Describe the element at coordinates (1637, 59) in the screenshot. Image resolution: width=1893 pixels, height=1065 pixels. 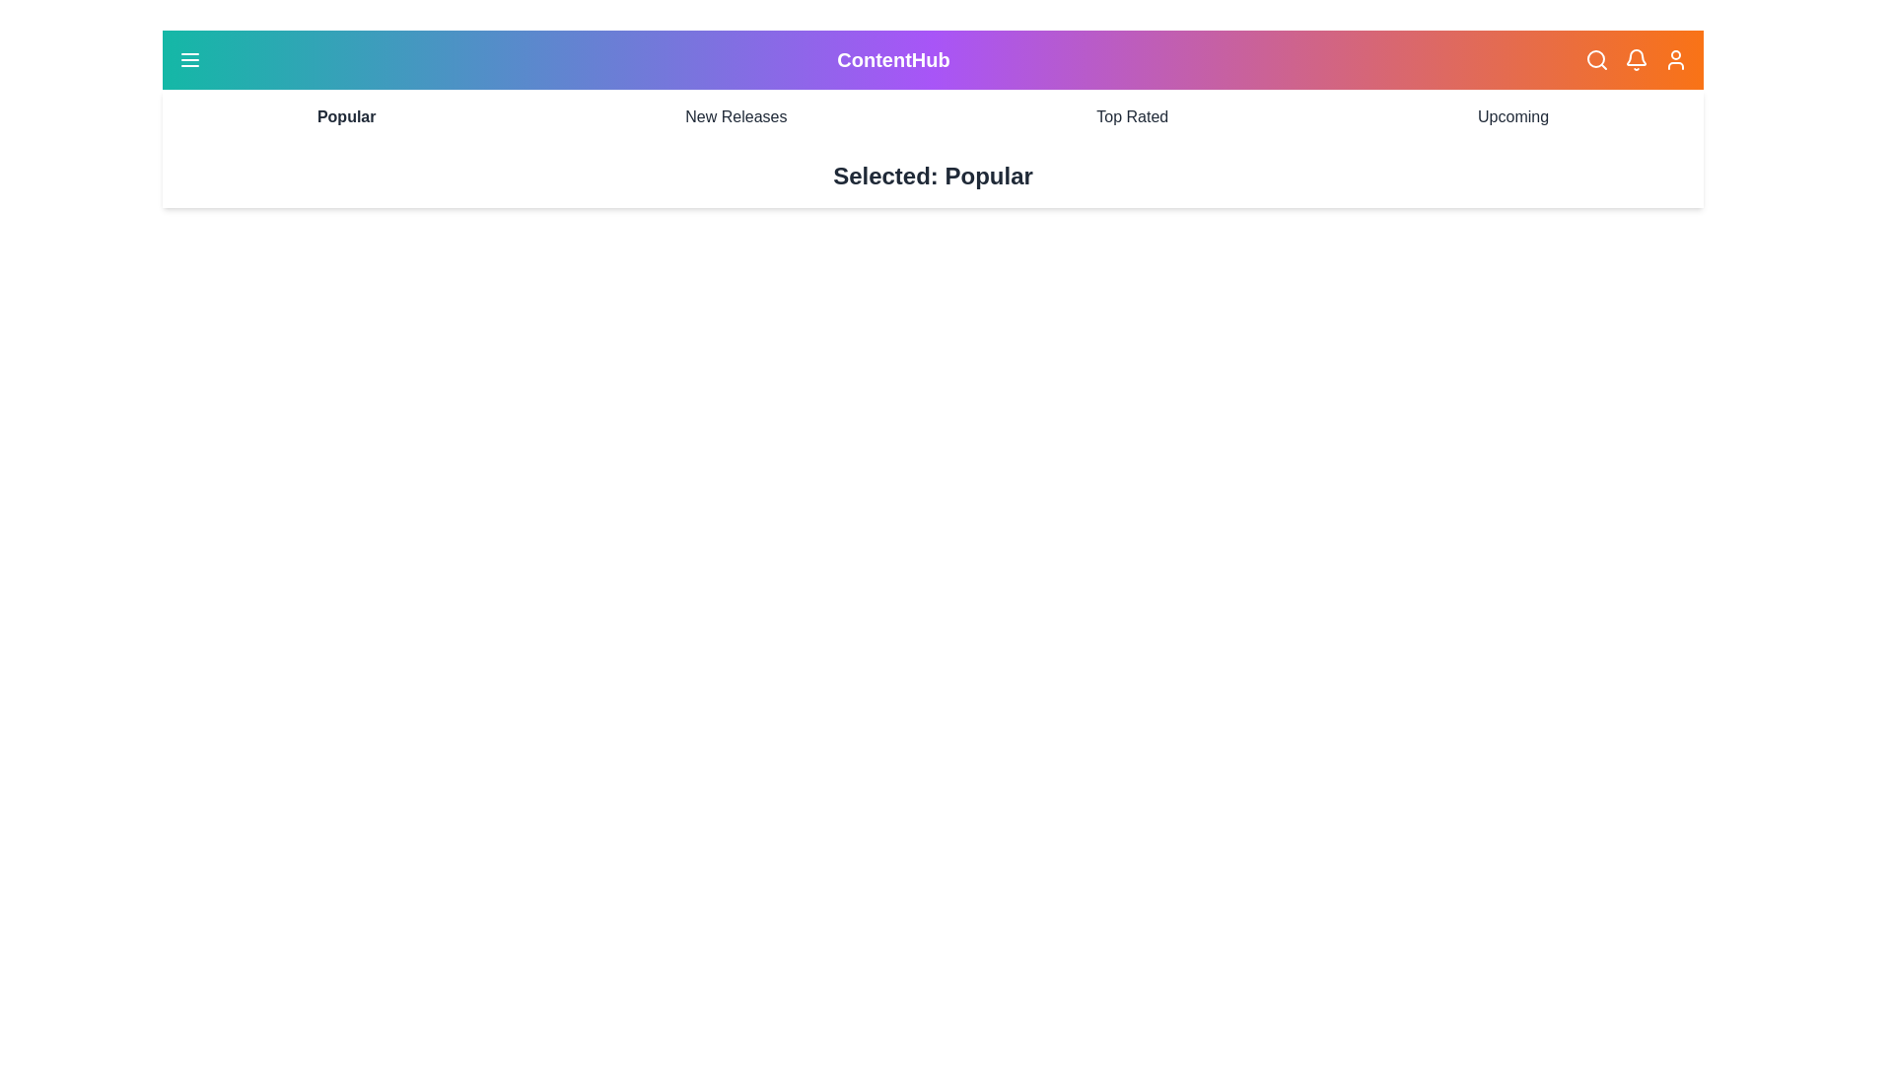
I see `the bell icon to check notifications` at that location.